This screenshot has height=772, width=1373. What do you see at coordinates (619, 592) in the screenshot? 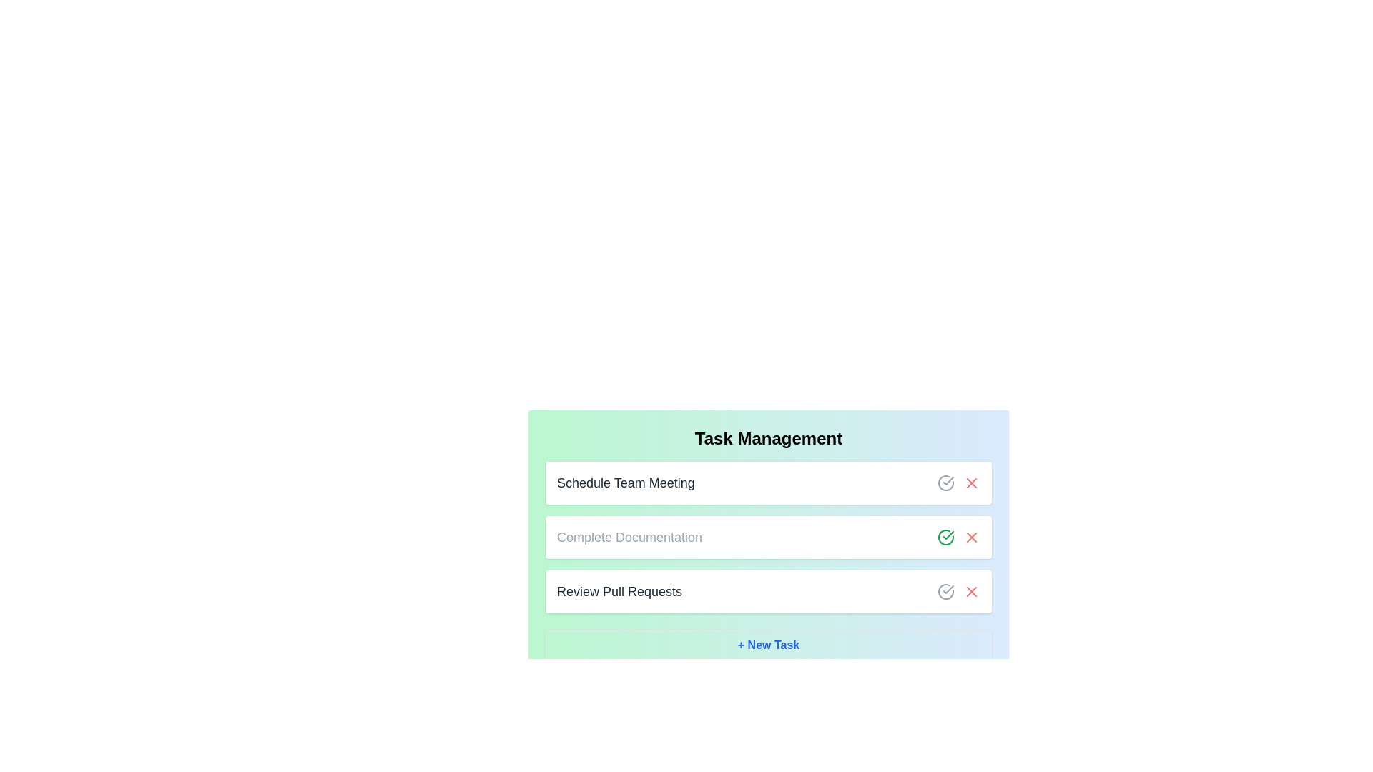
I see `the task titled 'Review Pull Requests'` at bounding box center [619, 592].